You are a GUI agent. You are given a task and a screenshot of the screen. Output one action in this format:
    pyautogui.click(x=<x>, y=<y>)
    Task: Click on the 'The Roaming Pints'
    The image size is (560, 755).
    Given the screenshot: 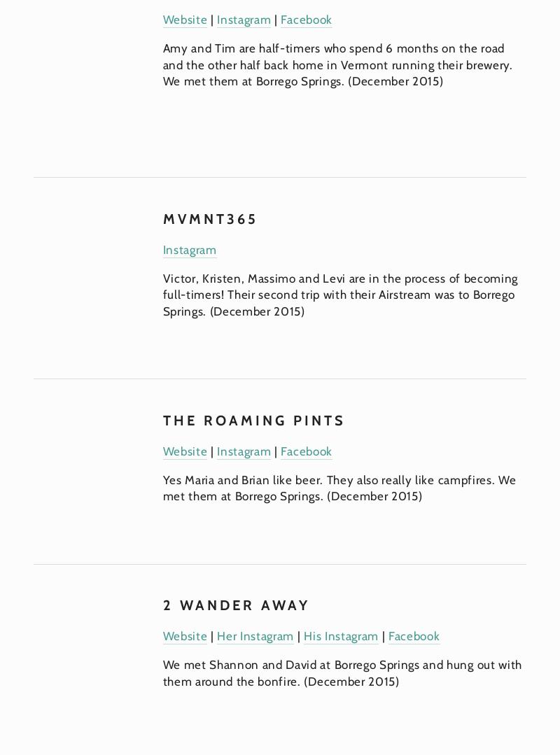 What is the action you would take?
    pyautogui.click(x=253, y=420)
    